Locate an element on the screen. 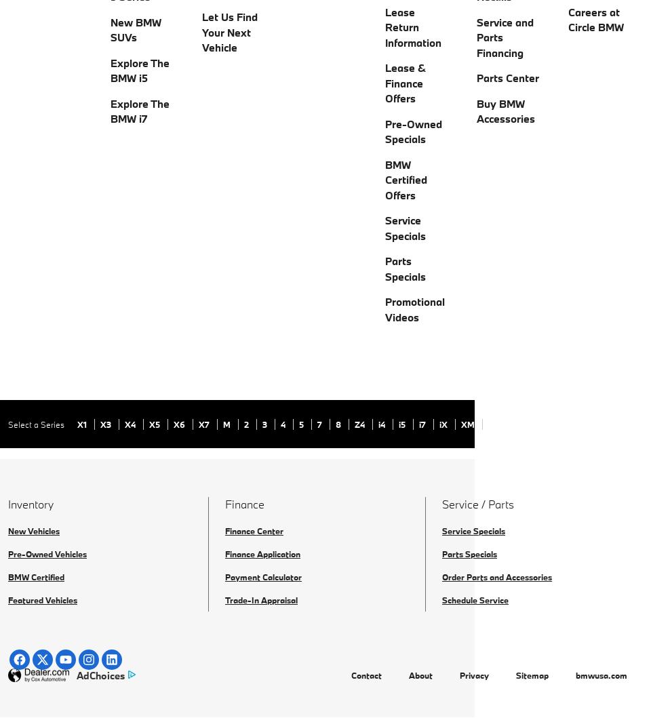 This screenshot has width=651, height=718. 'Promotional Videos' is located at coordinates (385, 309).